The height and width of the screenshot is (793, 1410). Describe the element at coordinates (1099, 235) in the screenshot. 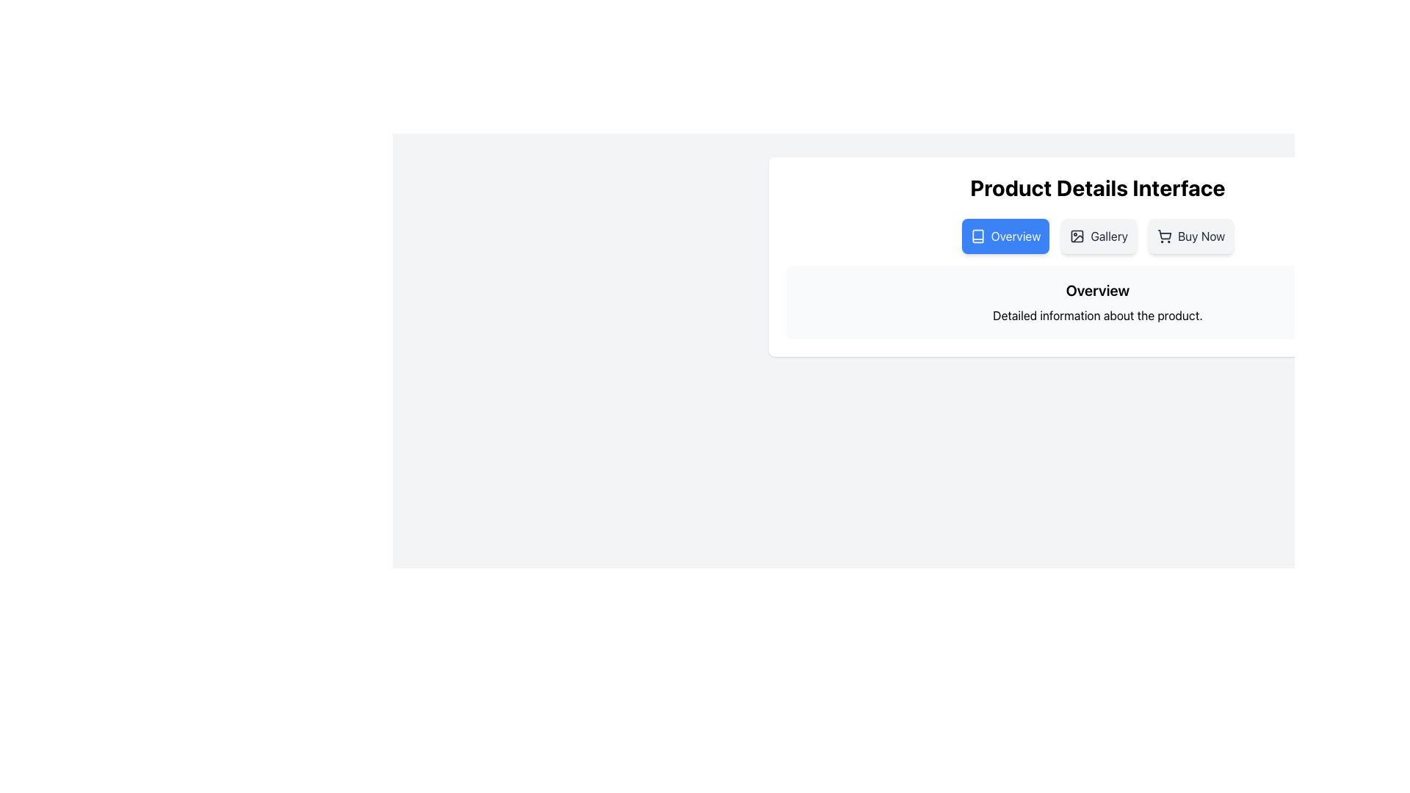

I see `the gallery navigation button located between the 'Overview' and 'Buy Now' buttons, situated below the 'Product Details Interface' heading to observe visual feedback` at that location.